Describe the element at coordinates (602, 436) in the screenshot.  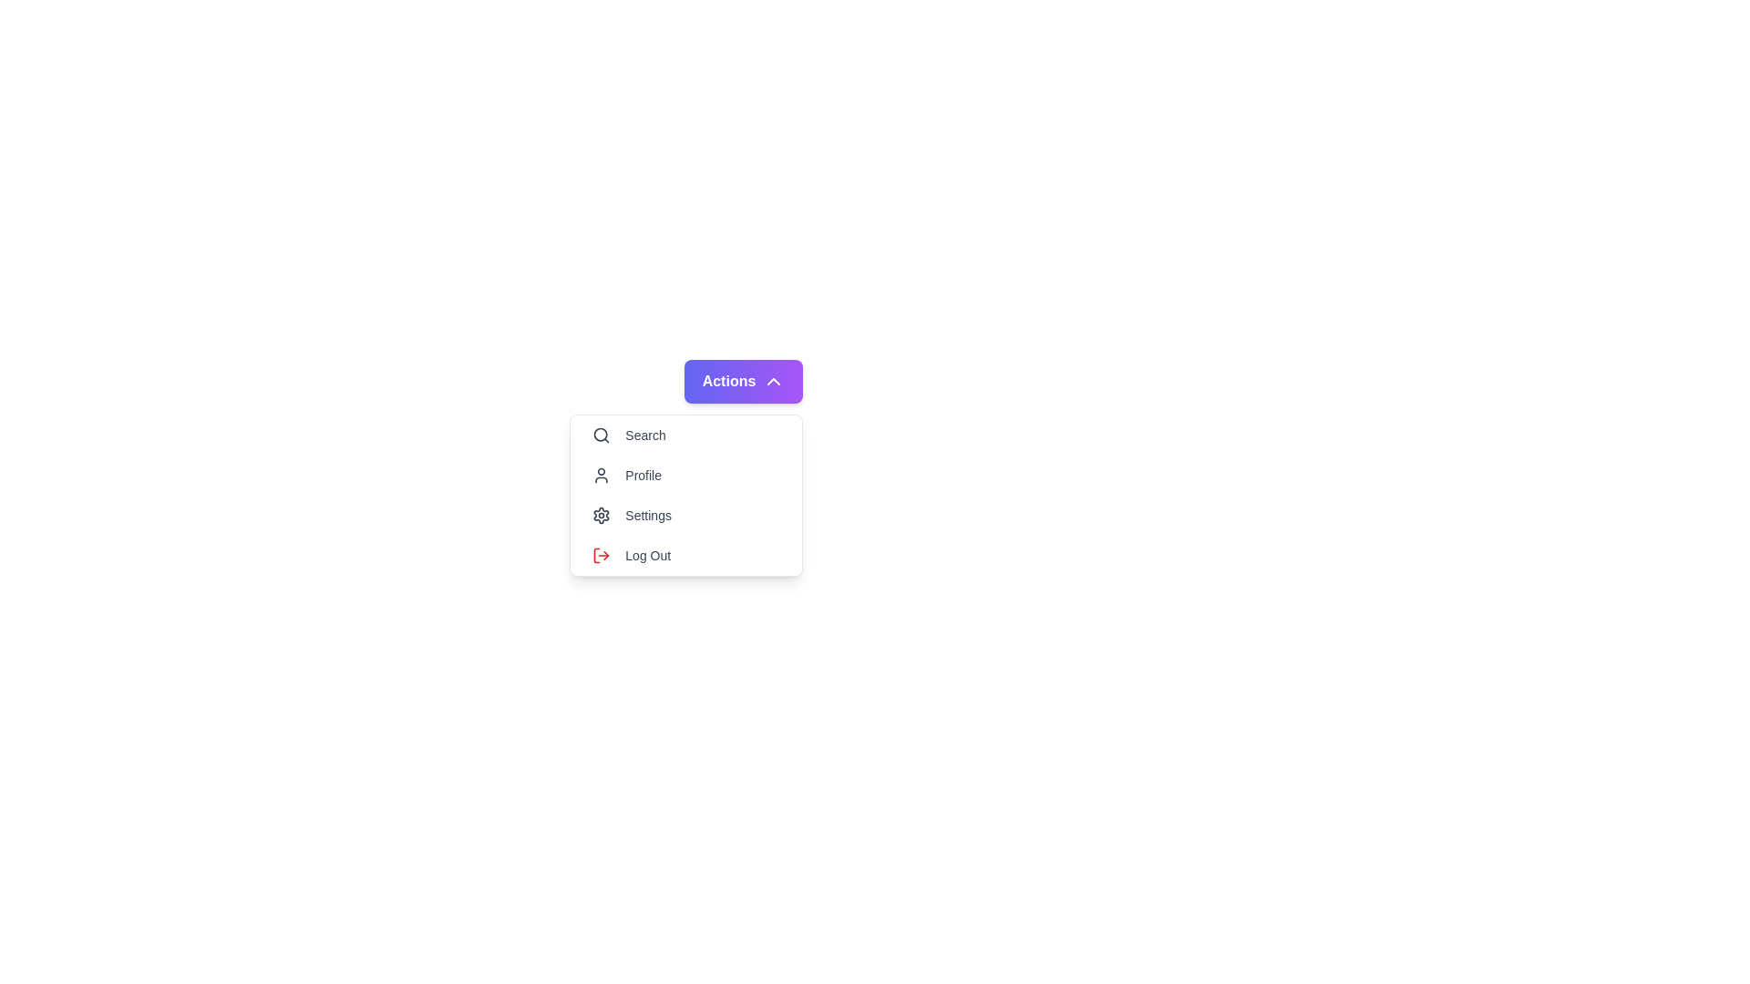
I see `the search icon located to the left of the 'Search' label in the first menu entry at the top of the list of options` at that location.